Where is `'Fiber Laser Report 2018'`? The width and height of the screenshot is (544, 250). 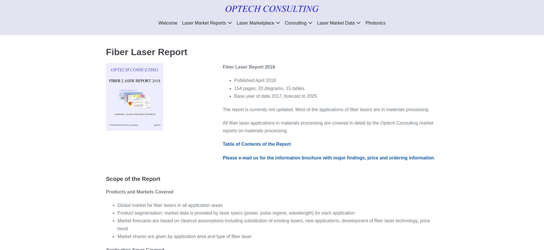
'Fiber Laser Report 2018' is located at coordinates (249, 67).